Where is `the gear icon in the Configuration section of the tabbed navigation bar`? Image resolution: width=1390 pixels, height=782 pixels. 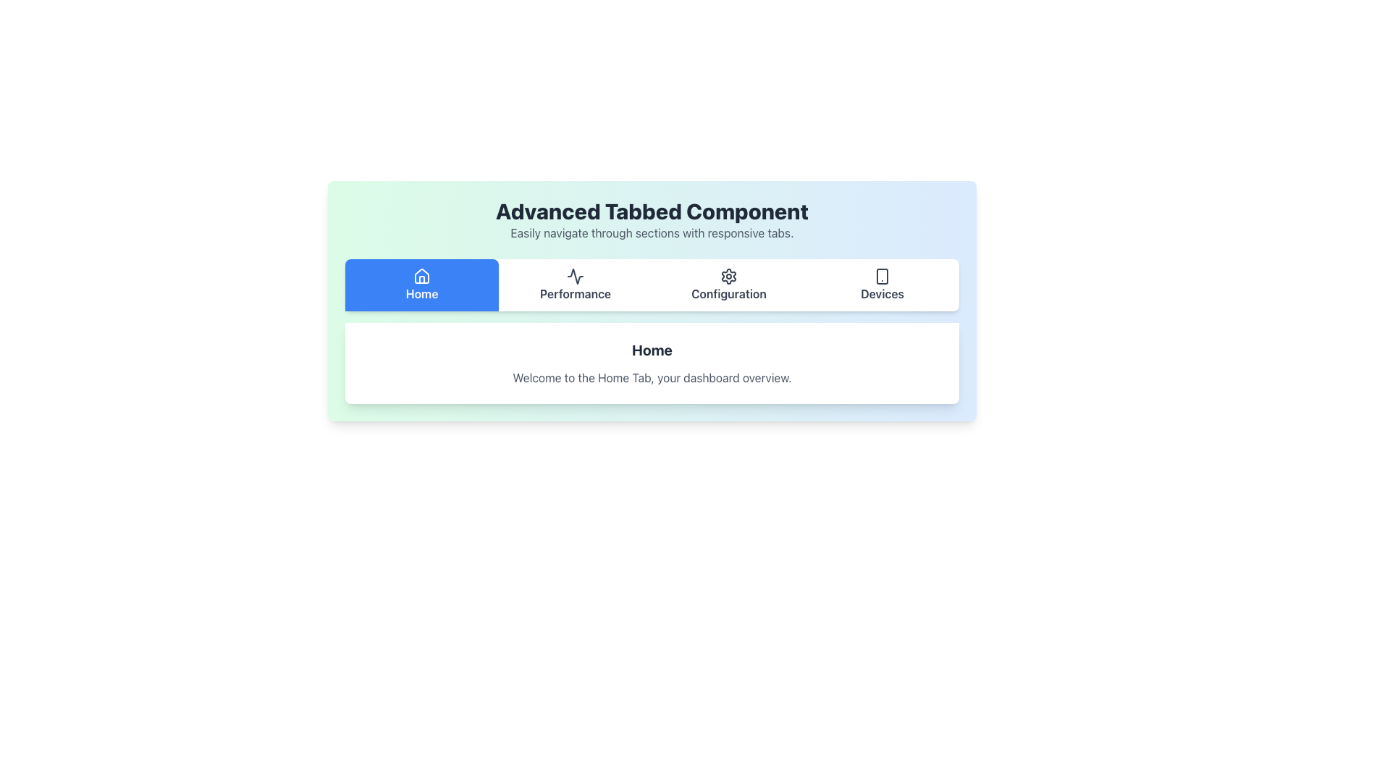 the gear icon in the Configuration section of the tabbed navigation bar is located at coordinates (729, 276).